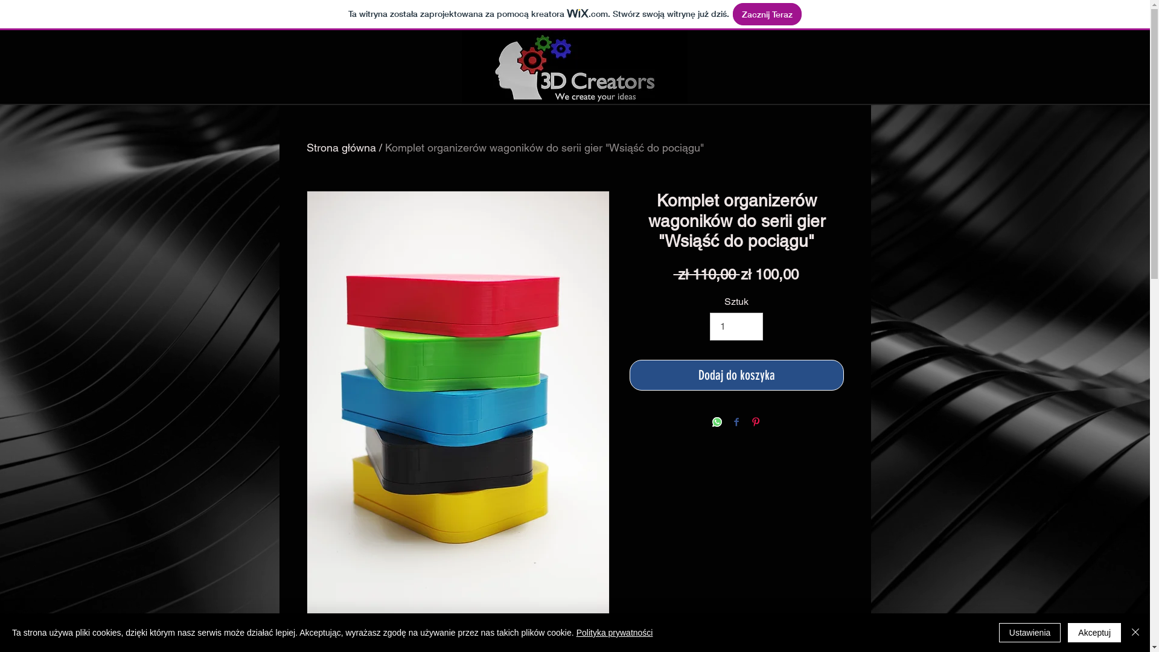 This screenshot has height=652, width=1159. What do you see at coordinates (735, 374) in the screenshot?
I see `'Dodaj do koszyka'` at bounding box center [735, 374].